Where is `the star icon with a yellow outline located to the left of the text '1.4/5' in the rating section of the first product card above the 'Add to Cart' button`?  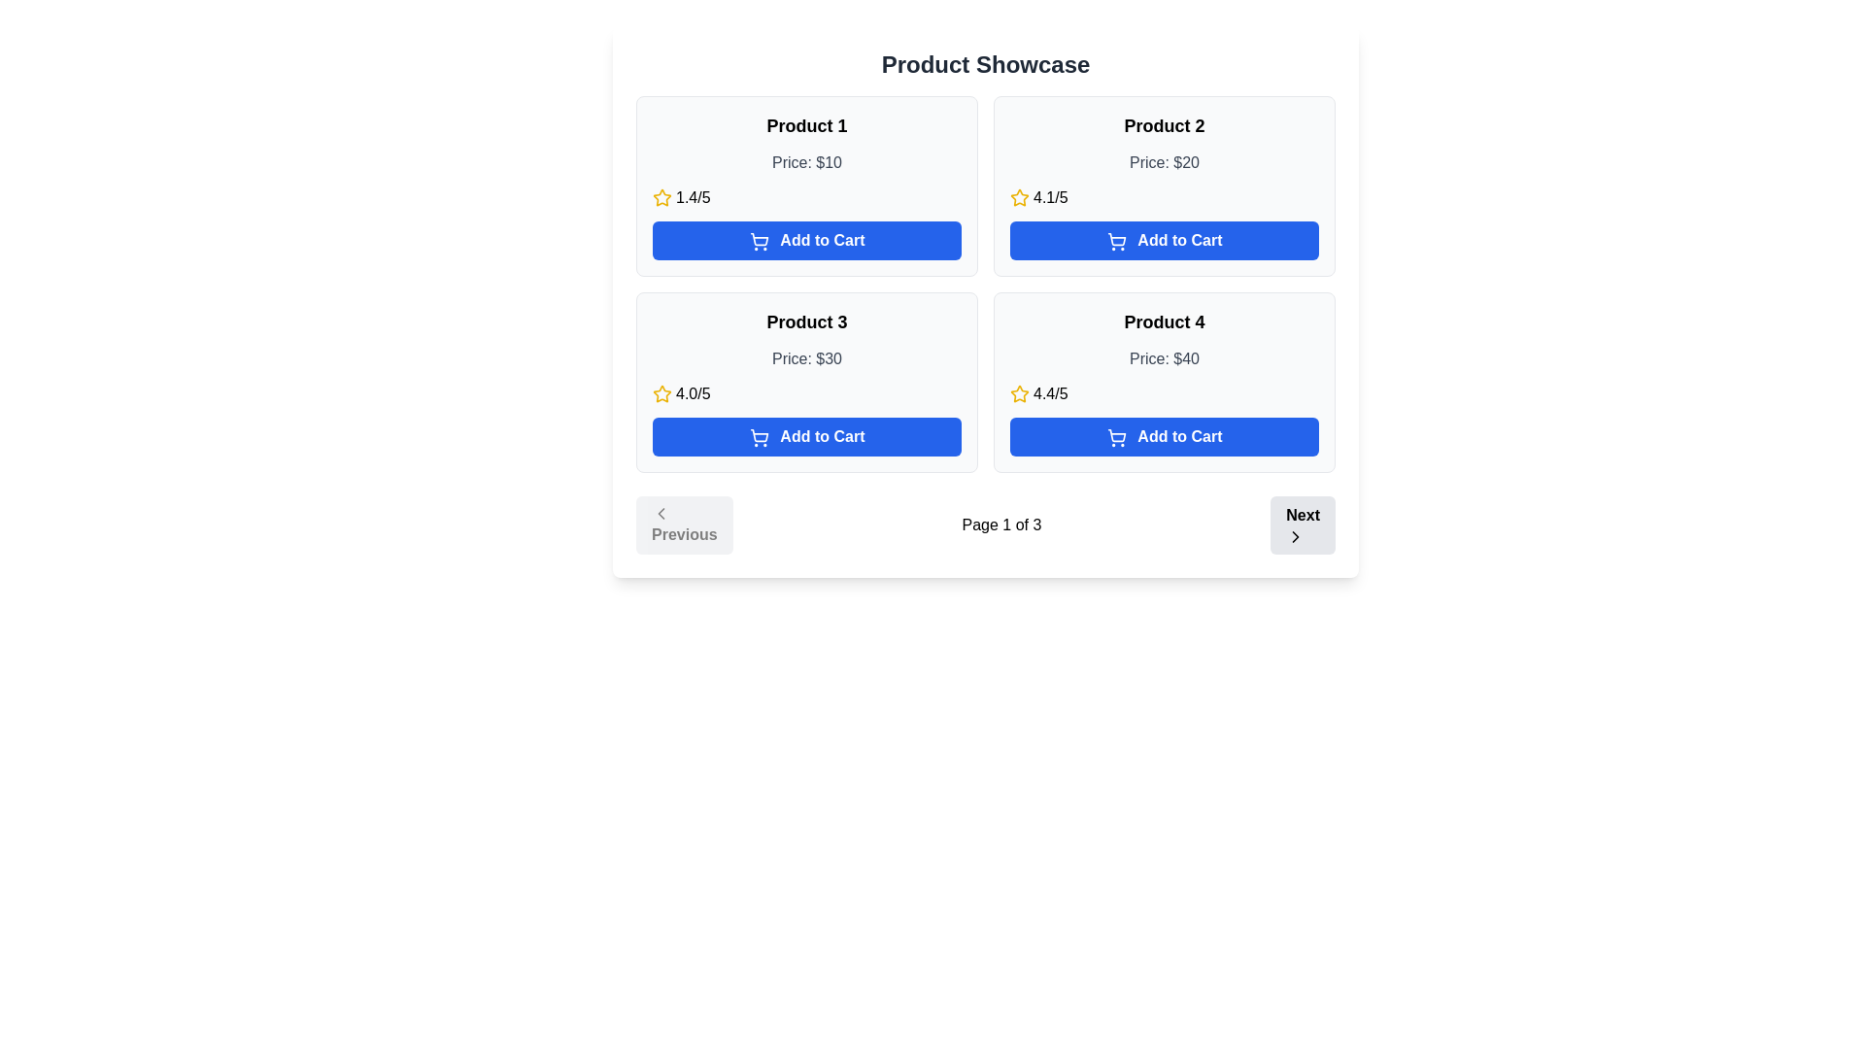 the star icon with a yellow outline located to the left of the text '1.4/5' in the rating section of the first product card above the 'Add to Cart' button is located at coordinates (661, 198).